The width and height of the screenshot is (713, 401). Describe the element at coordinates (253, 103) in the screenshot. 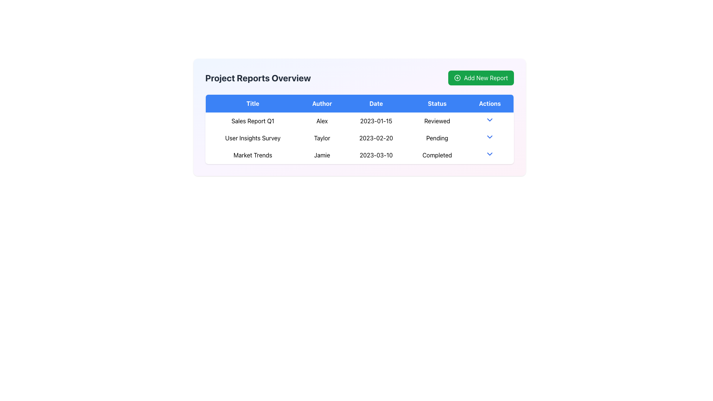

I see `the Table Header Cell labeled 'Title' which is the first cell in the header row of the table` at that location.